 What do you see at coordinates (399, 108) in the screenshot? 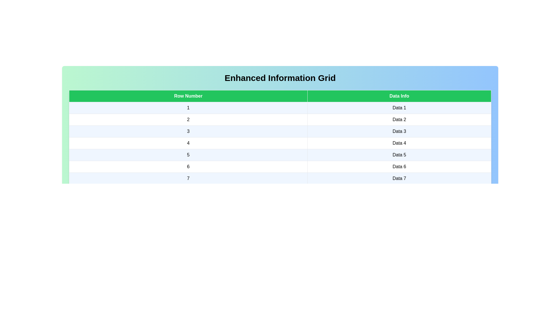
I see `the cell containing the text Data 1` at bounding box center [399, 108].